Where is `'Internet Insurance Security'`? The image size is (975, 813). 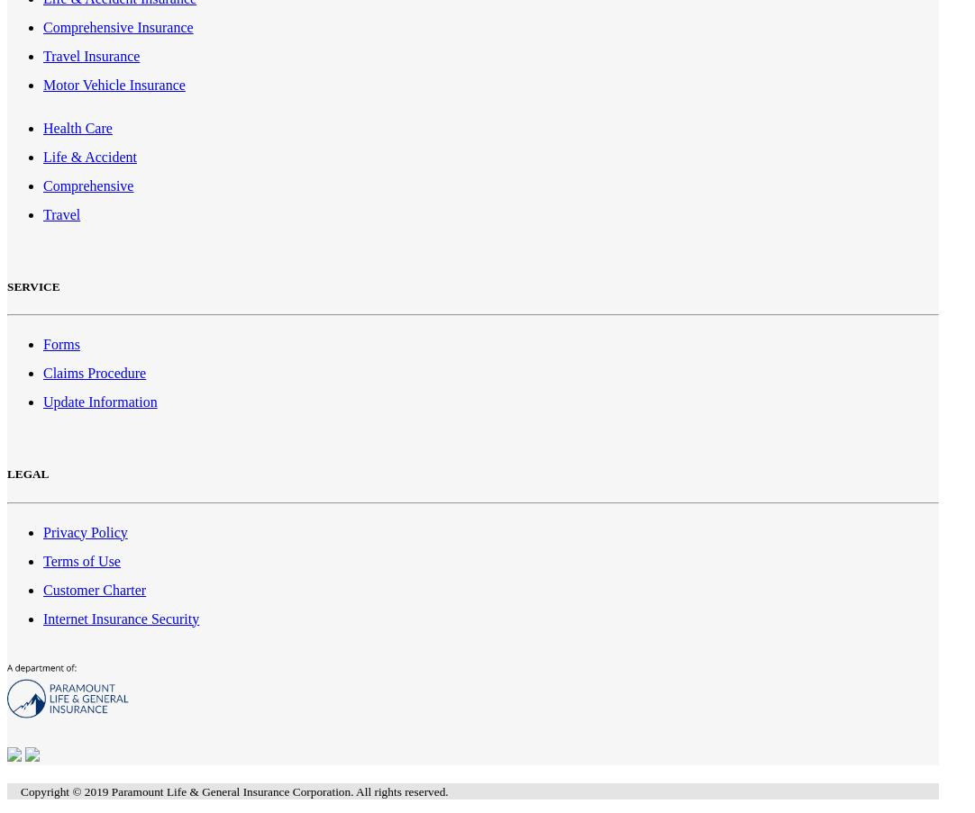 'Internet Insurance Security' is located at coordinates (121, 617).